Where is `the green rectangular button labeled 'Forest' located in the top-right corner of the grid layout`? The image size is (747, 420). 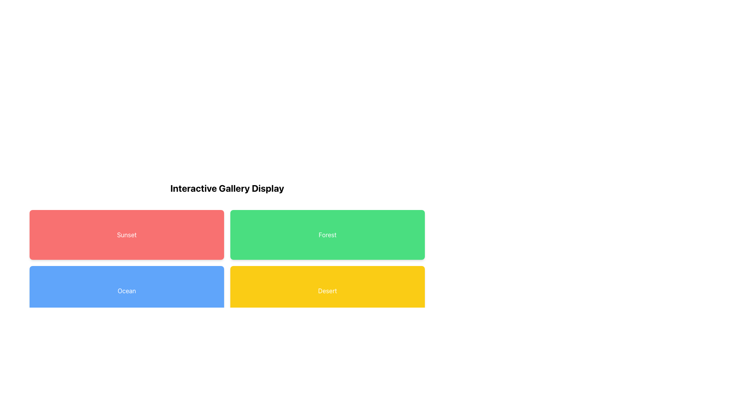 the green rectangular button labeled 'Forest' located in the top-right corner of the grid layout is located at coordinates (327, 234).